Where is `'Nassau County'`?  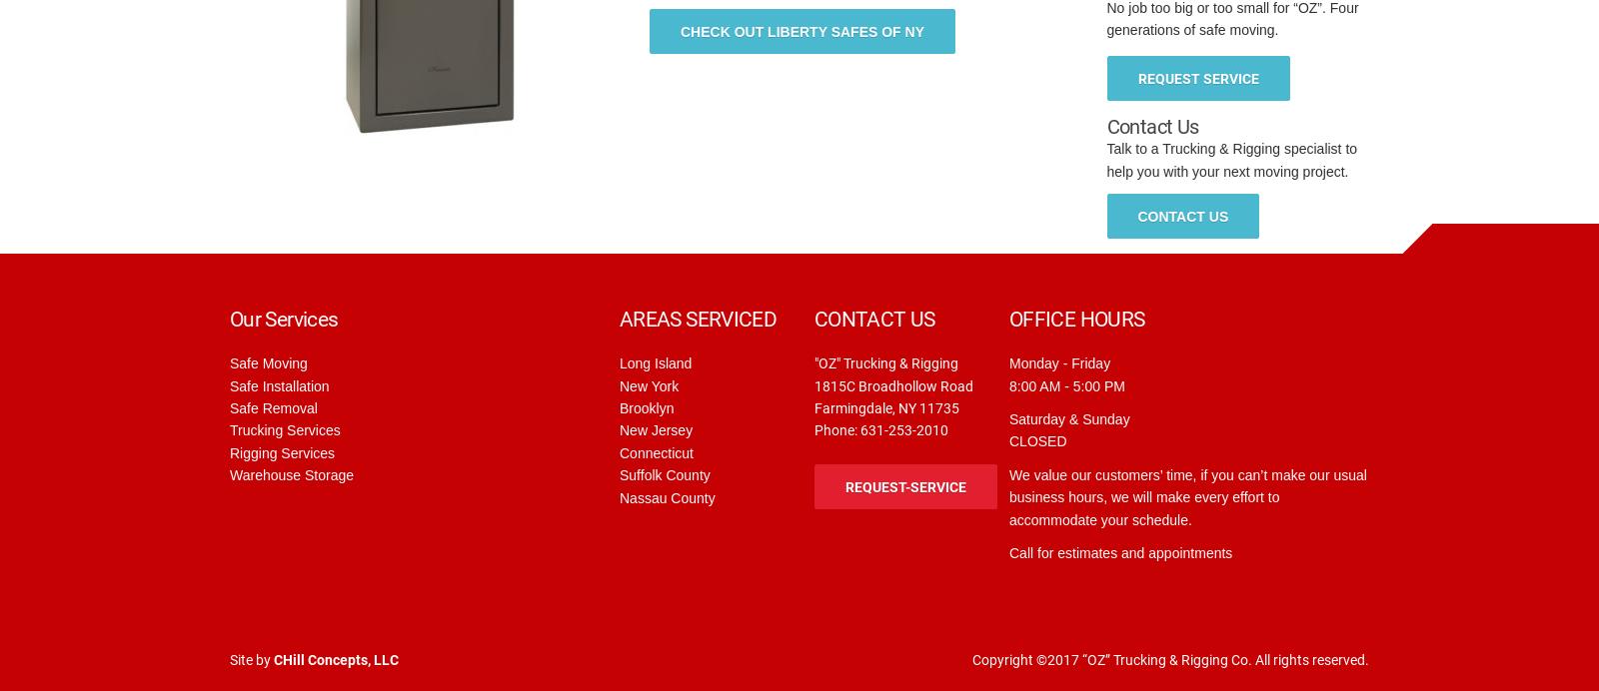
'Nassau County' is located at coordinates (667, 496).